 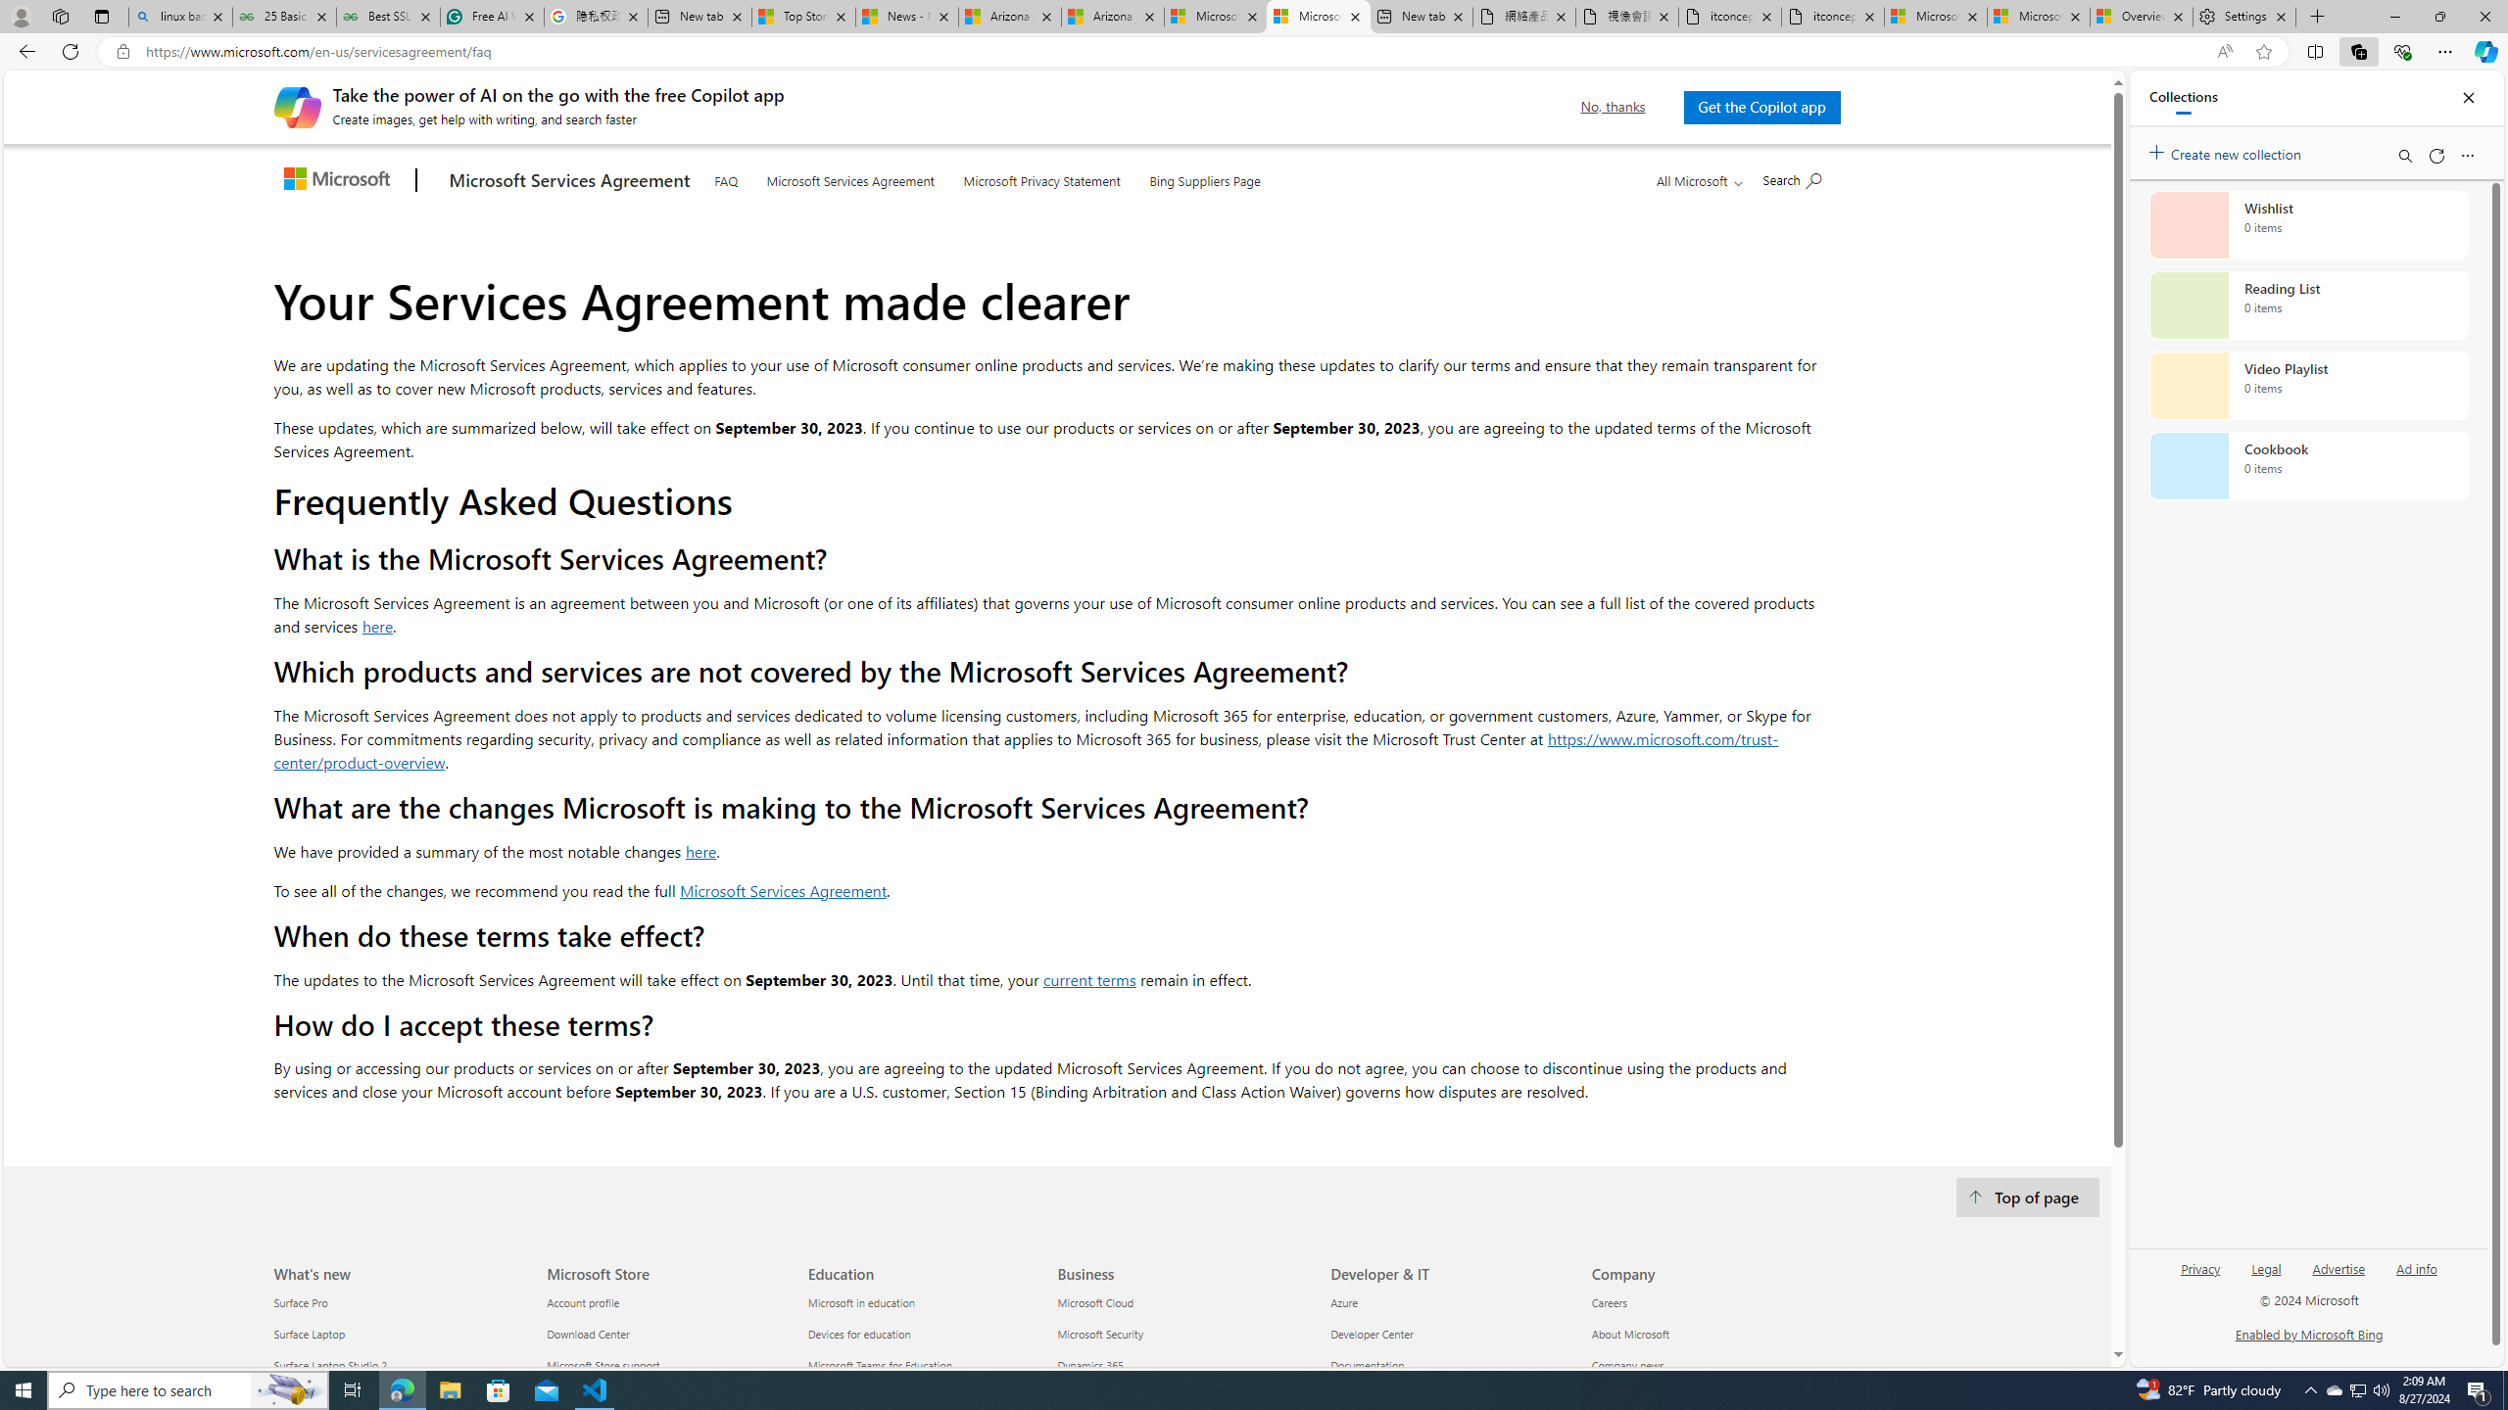 I want to click on 'FAQ', so click(x=726, y=177).